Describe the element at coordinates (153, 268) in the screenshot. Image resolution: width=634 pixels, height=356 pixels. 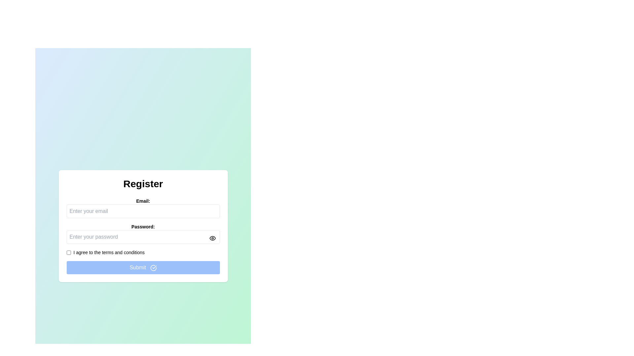
I see `the success confirmation icon located near the right side of the 'Submit' button at the bottom of the registration form` at that location.